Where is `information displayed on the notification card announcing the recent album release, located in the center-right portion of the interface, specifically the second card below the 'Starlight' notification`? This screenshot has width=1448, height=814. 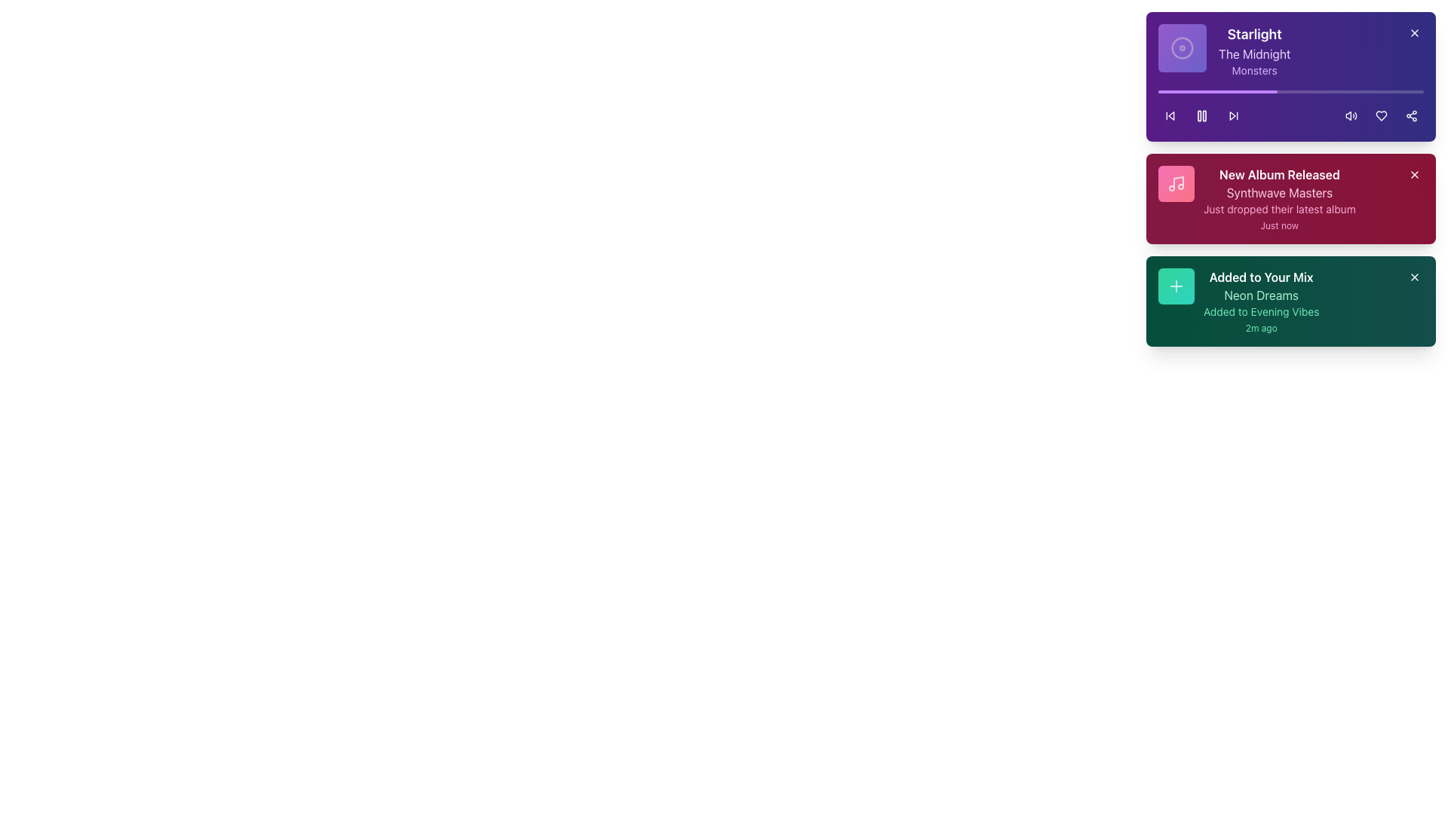 information displayed on the notification card announcing the recent album release, located in the center-right portion of the interface, specifically the second card below the 'Starlight' notification is located at coordinates (1278, 197).